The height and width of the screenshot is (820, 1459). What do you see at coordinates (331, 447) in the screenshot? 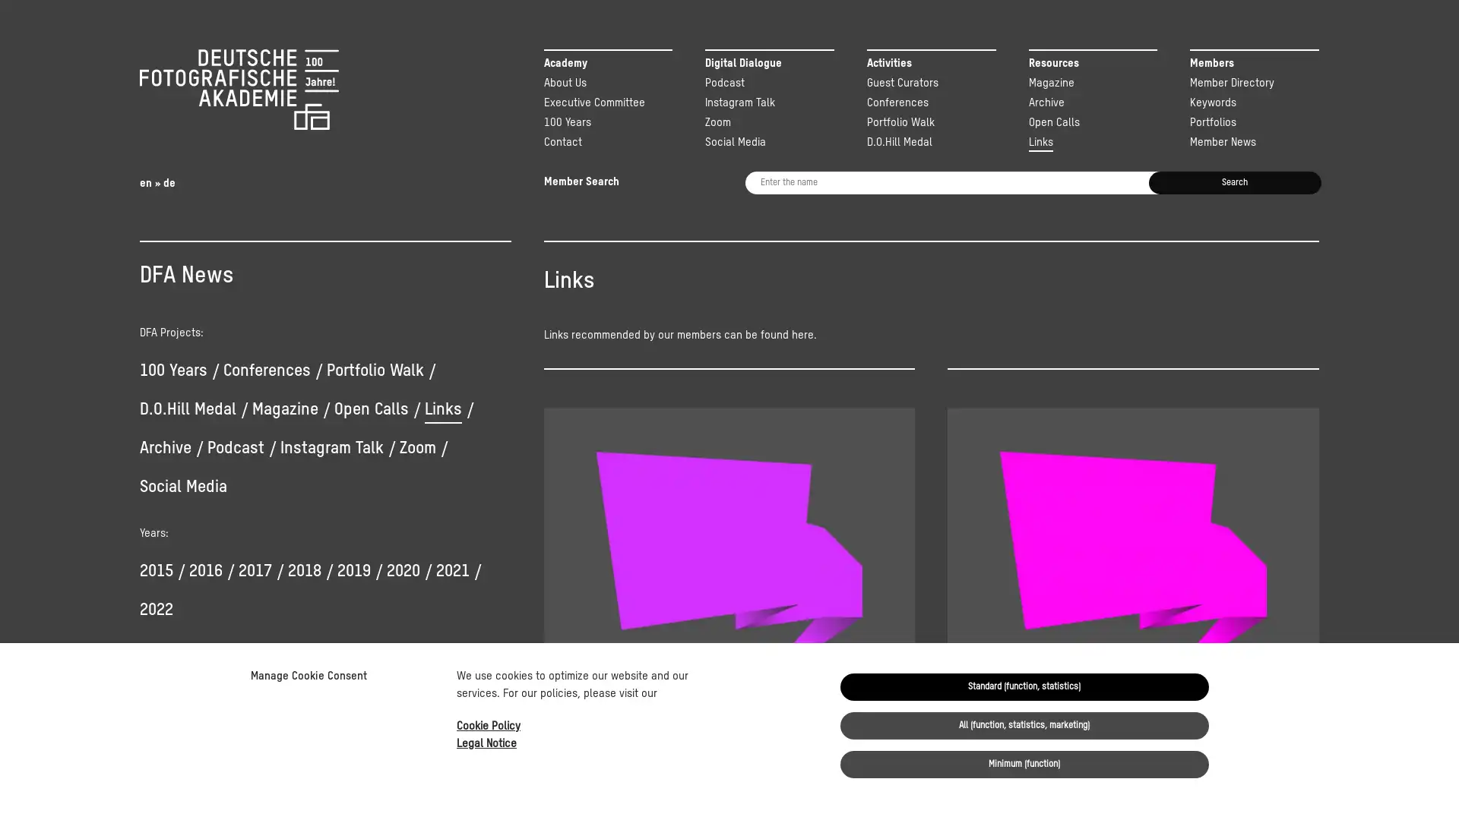
I see `Instagram Talk` at bounding box center [331, 447].